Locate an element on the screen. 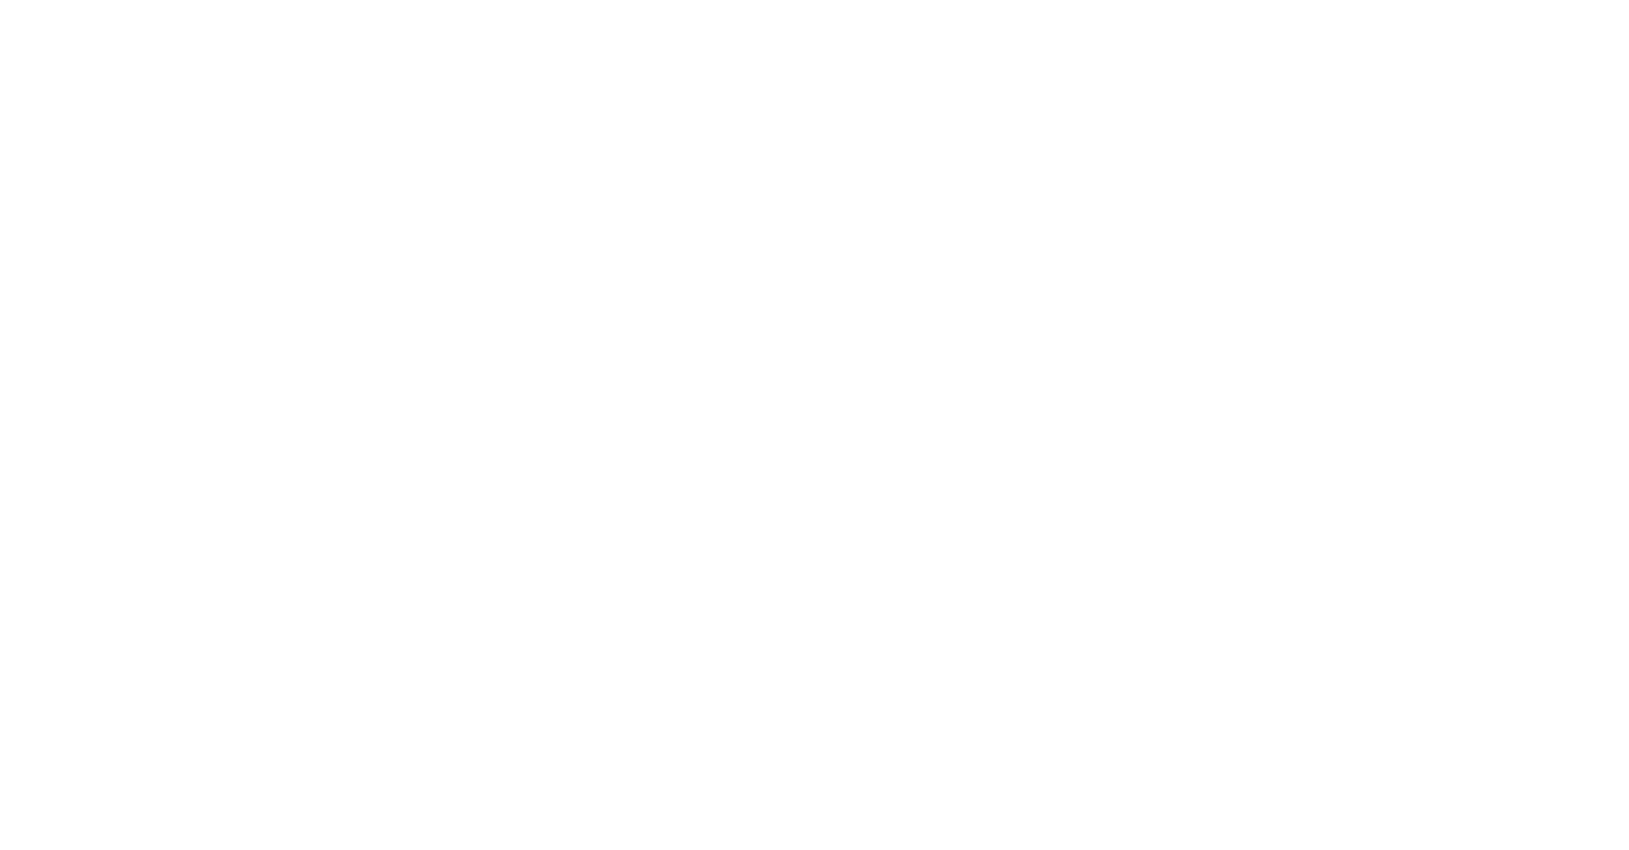 The image size is (1629, 850). 'Transparenzhinweis' is located at coordinates (101, 544).